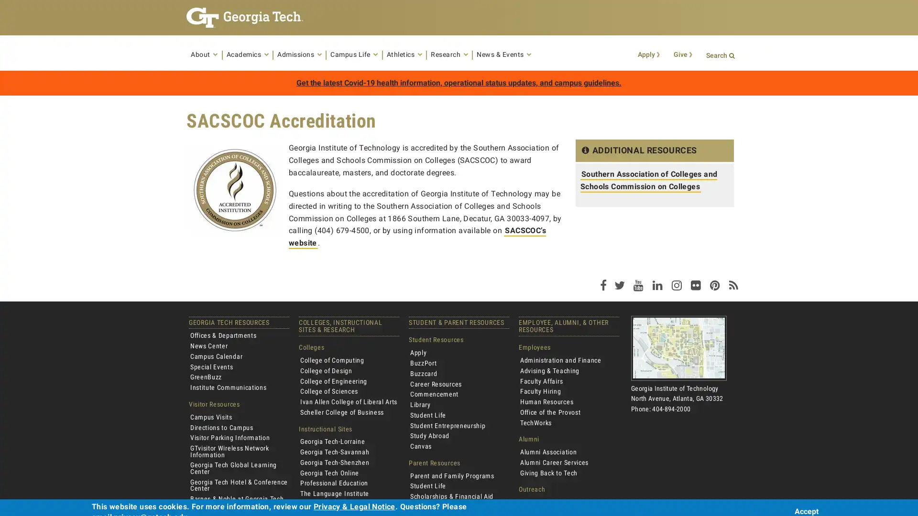 The image size is (918, 516). Describe the element at coordinates (690, 79) in the screenshot. I see `Search Button` at that location.